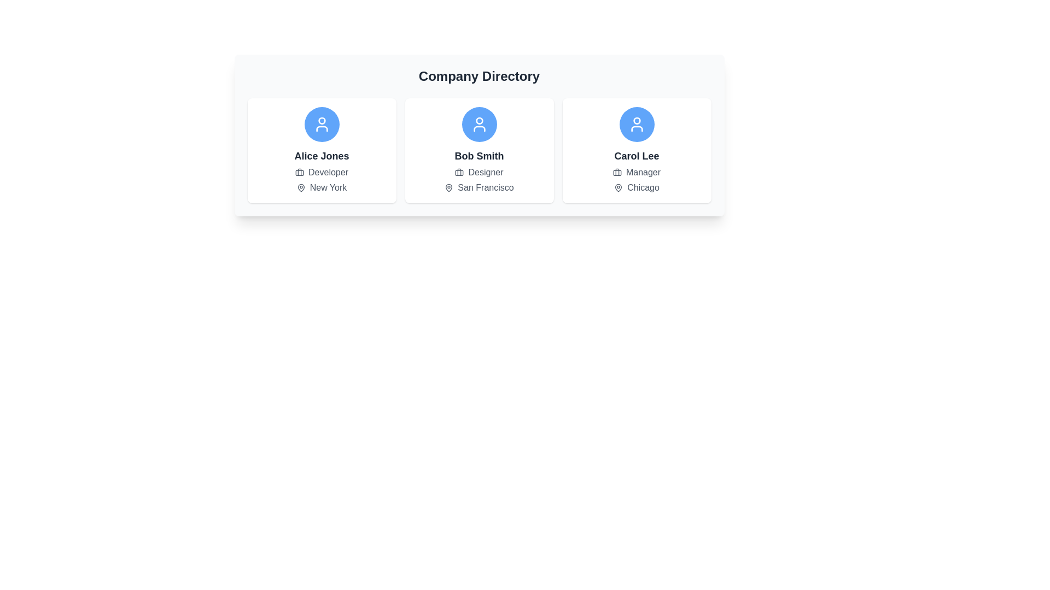 The height and width of the screenshot is (590, 1050). I want to click on the text label reading 'Carol Lee' which is styled in bold and dark gray, located in the rightmost card of the Company Directory, beneath the icon and above the 'Manager' label, so click(637, 156).